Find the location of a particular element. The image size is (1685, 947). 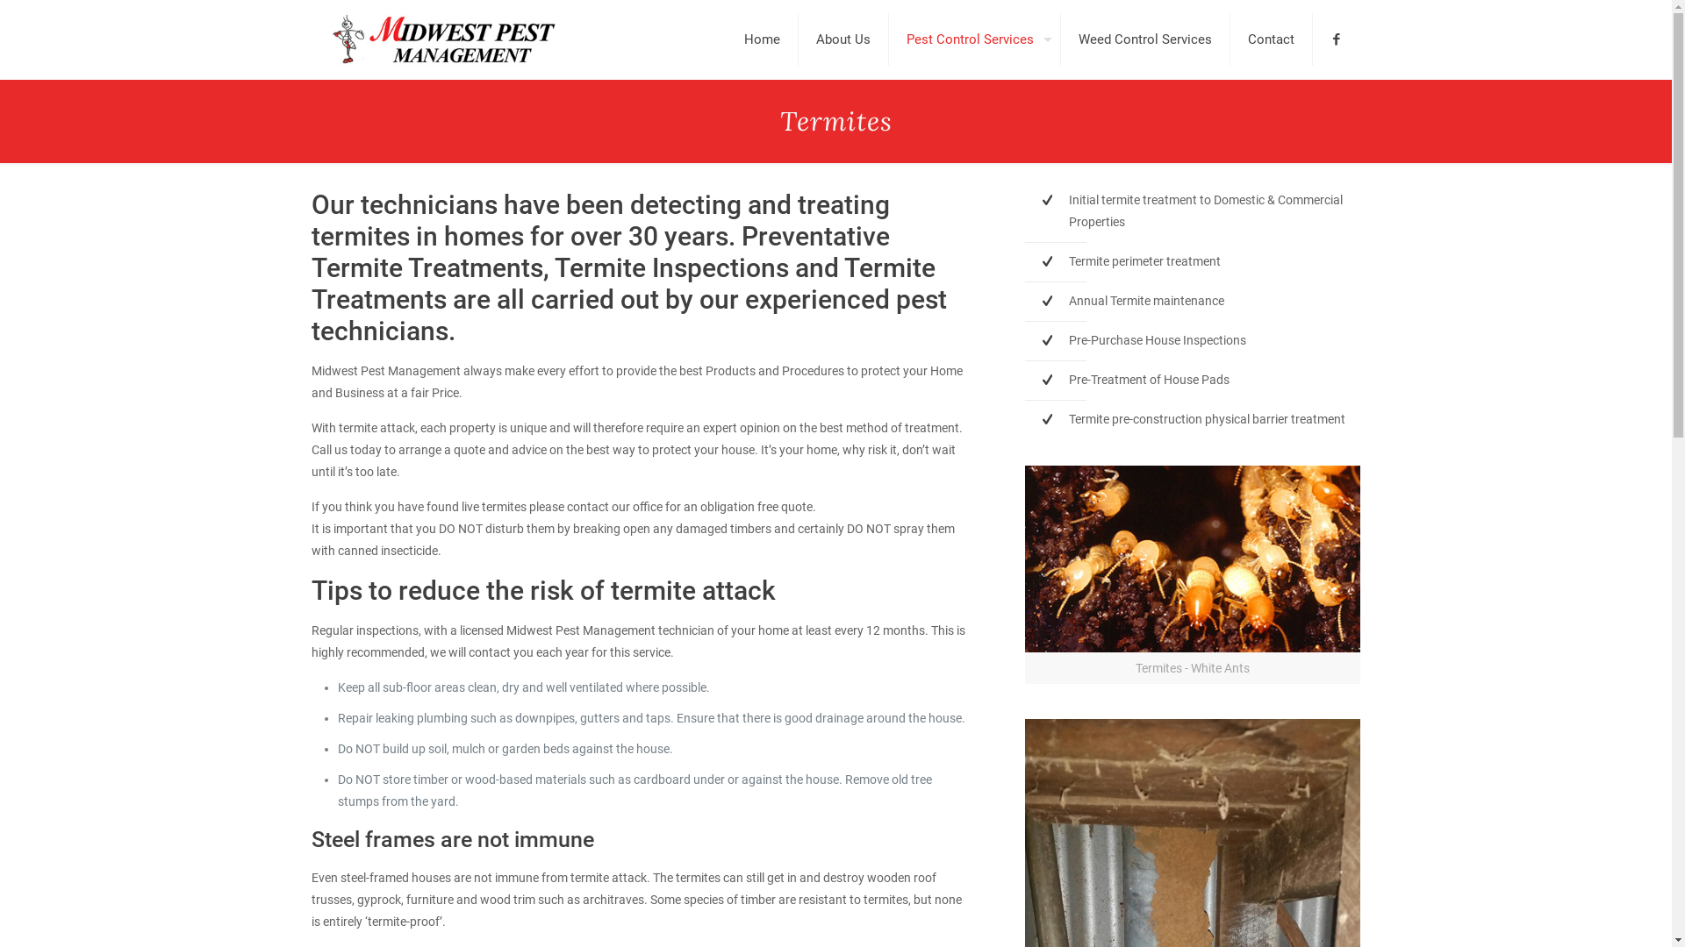

'About Us' is located at coordinates (843, 39).